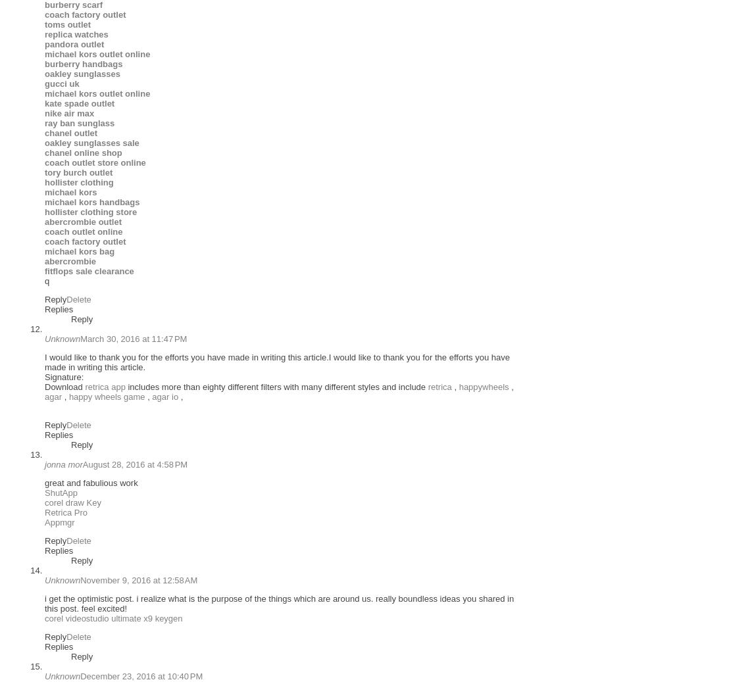 Image resolution: width=729 pixels, height=682 pixels. I want to click on 'great and fabulious work', so click(44, 483).